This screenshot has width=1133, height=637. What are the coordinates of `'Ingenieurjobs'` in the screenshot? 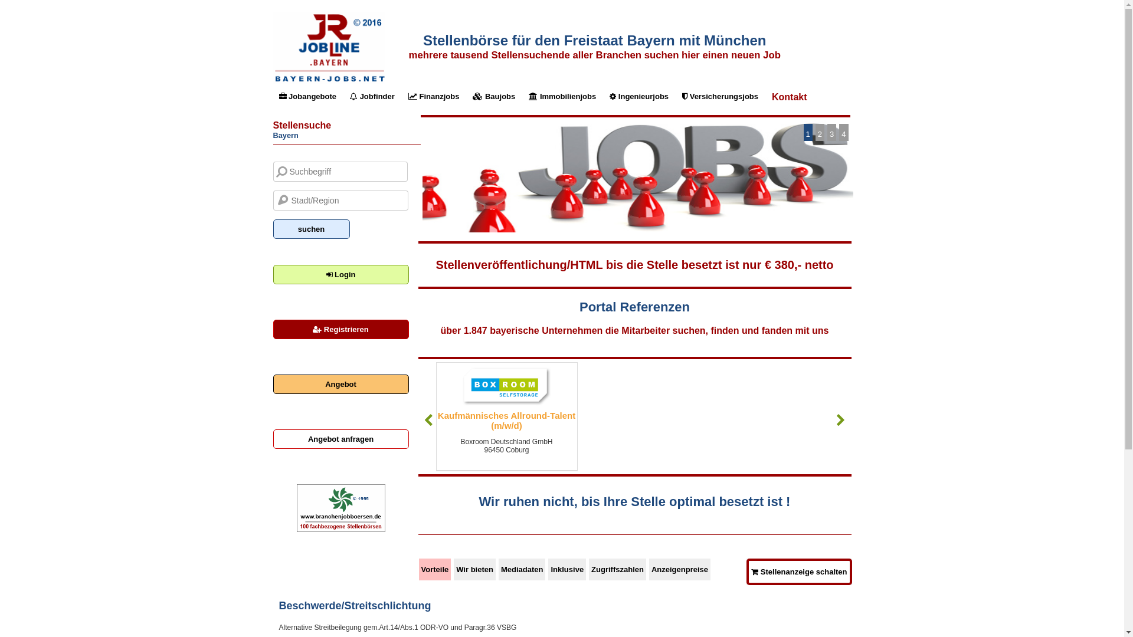 It's located at (604, 96).